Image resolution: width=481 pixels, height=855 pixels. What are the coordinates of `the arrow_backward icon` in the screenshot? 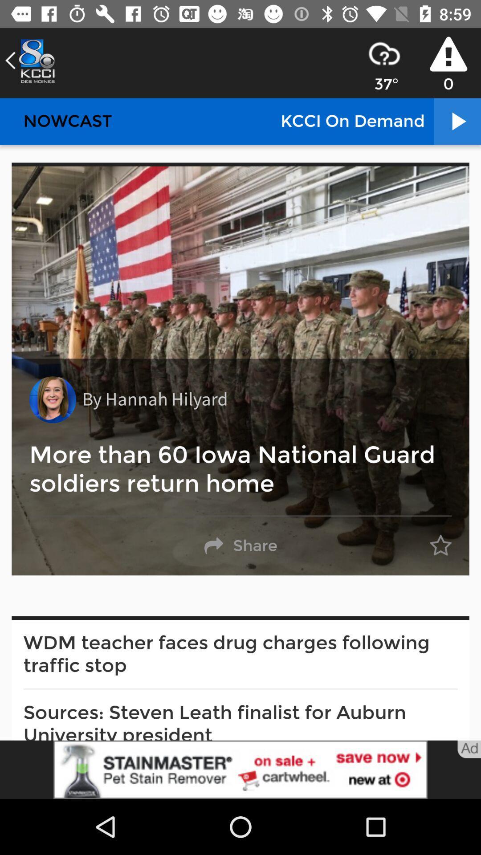 It's located at (32, 60).